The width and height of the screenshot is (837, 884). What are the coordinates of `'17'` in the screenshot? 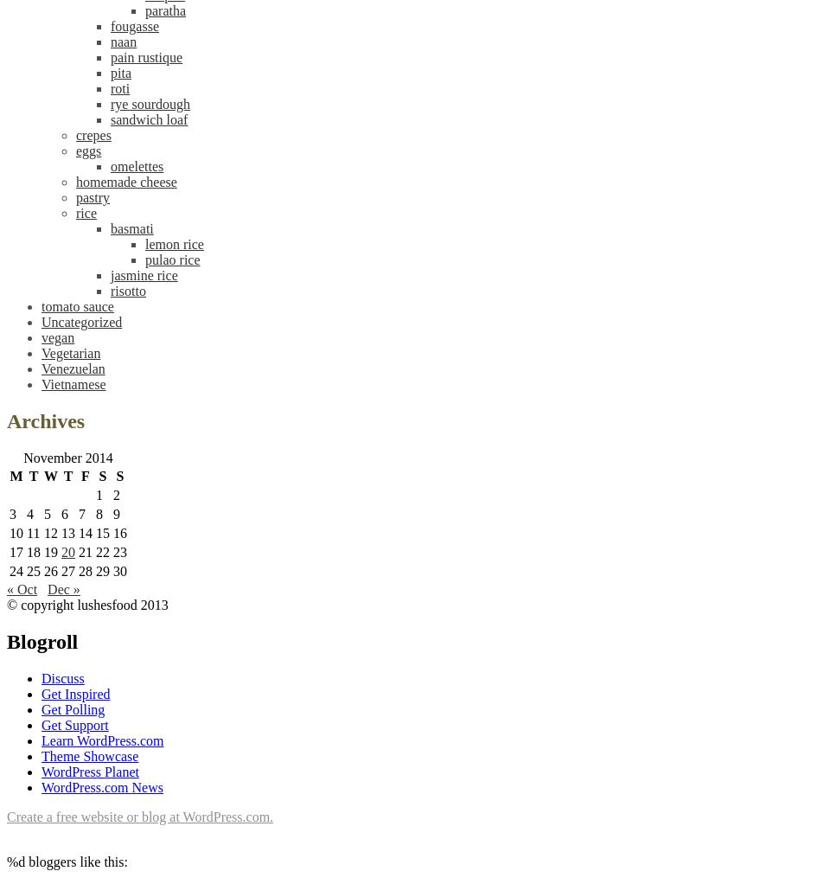 It's located at (16, 552).